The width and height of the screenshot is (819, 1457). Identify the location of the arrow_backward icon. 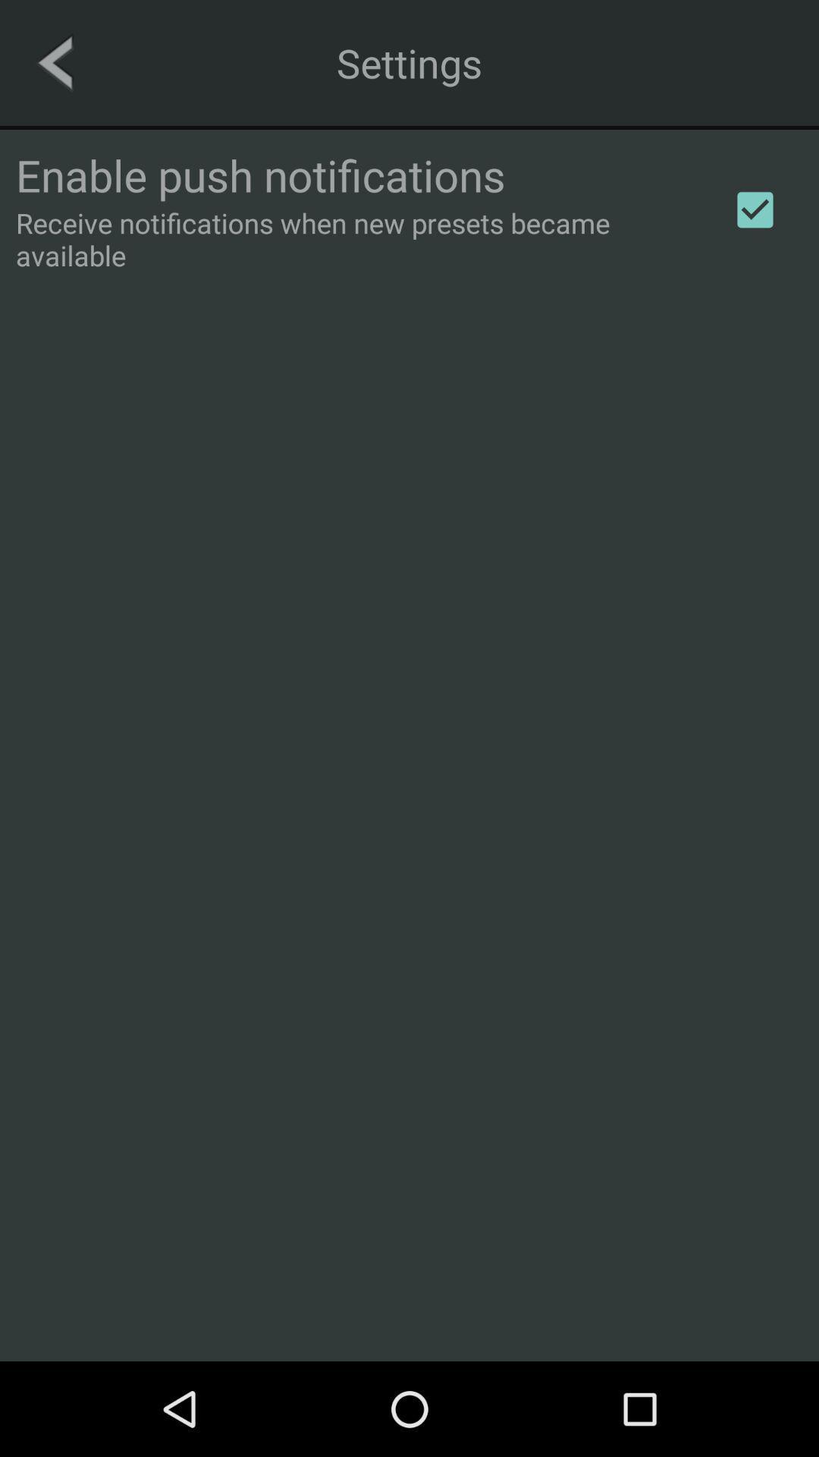
(54, 61).